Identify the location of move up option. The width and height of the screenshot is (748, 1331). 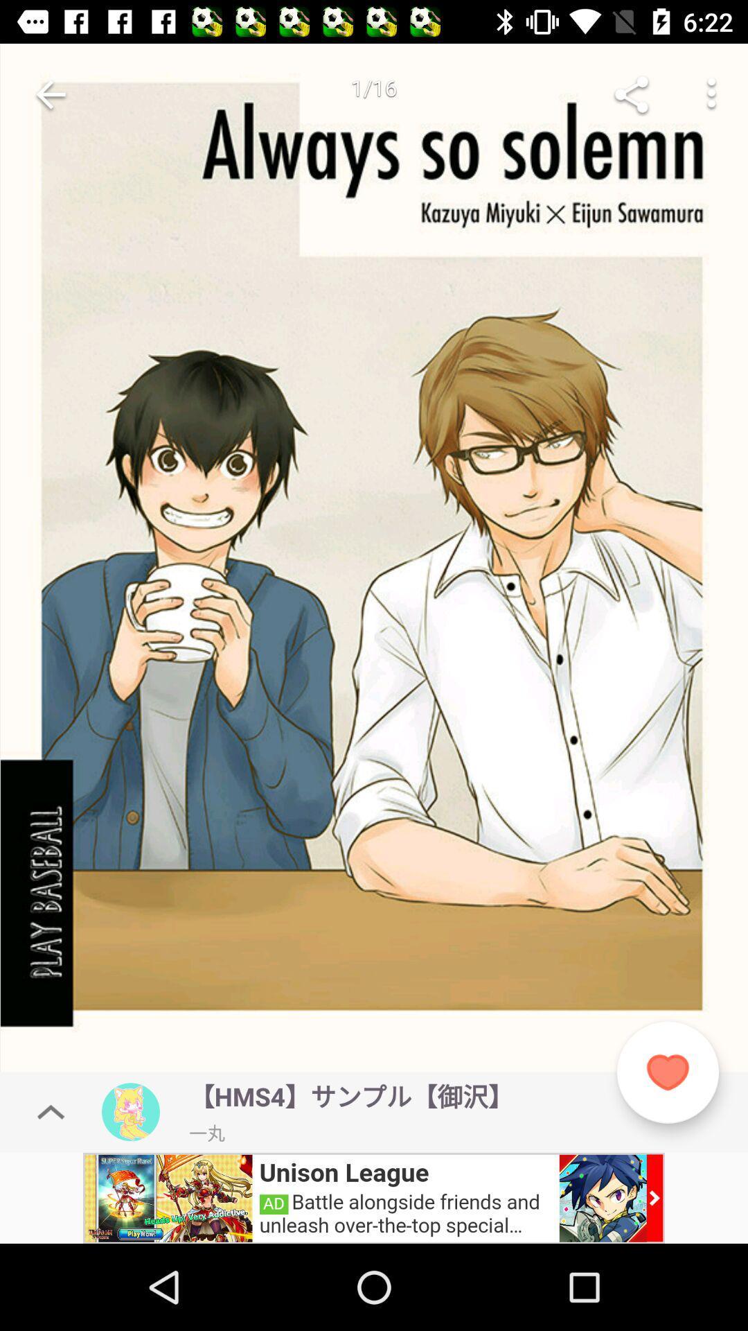
(50, 1112).